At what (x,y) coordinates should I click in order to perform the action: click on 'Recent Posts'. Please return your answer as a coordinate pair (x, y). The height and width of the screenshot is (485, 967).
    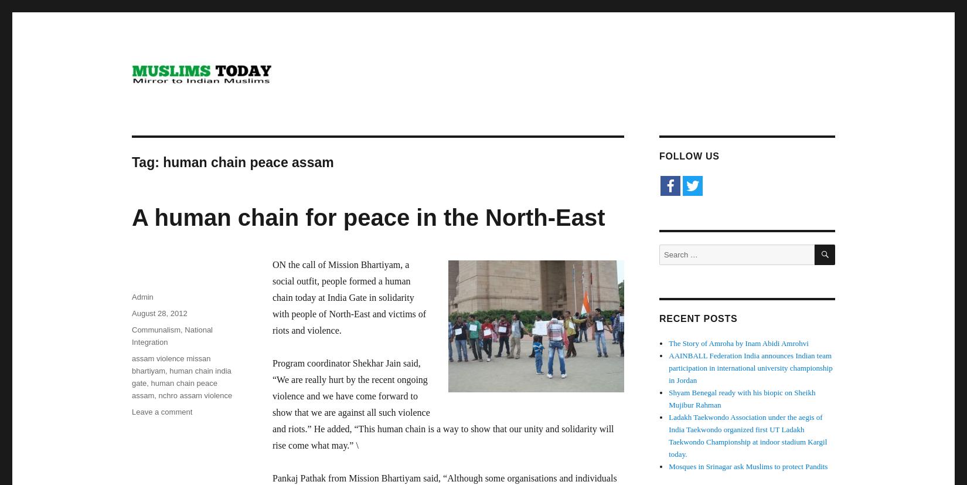
    Looking at the image, I should click on (698, 318).